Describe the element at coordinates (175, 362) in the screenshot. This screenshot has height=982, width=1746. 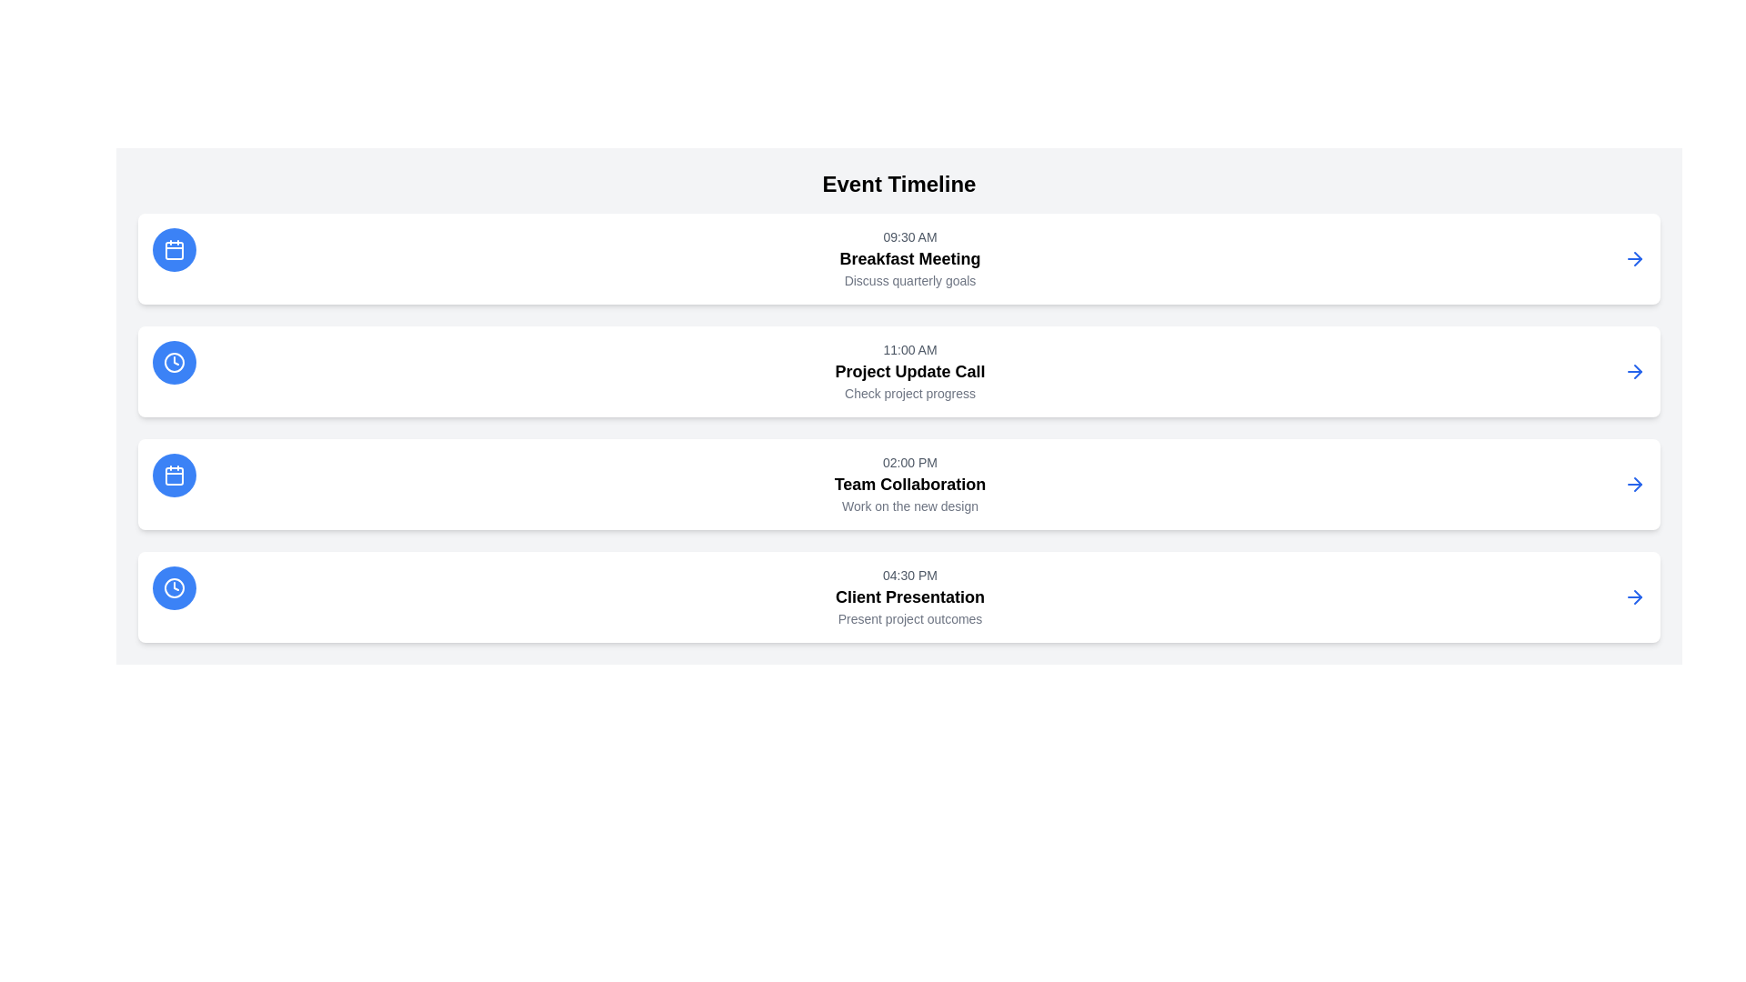
I see `the circular blue icon with a white clock glyph, which indicates the '11:00 AM Project Update Call' on the event timeline` at that location.